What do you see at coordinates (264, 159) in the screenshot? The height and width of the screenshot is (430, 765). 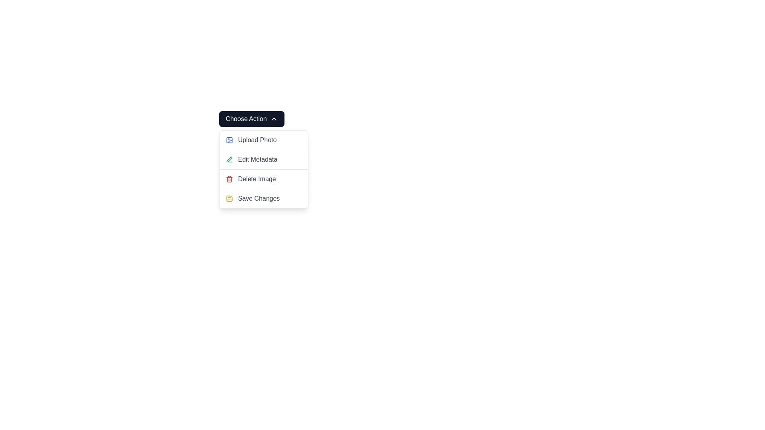 I see `to select the 'Edit Metadata' menu entry, which is the second item in the vertical menu list under 'Choose Action'. It is identifiable by its green pen-like icon on the left and moderate gray text` at bounding box center [264, 159].